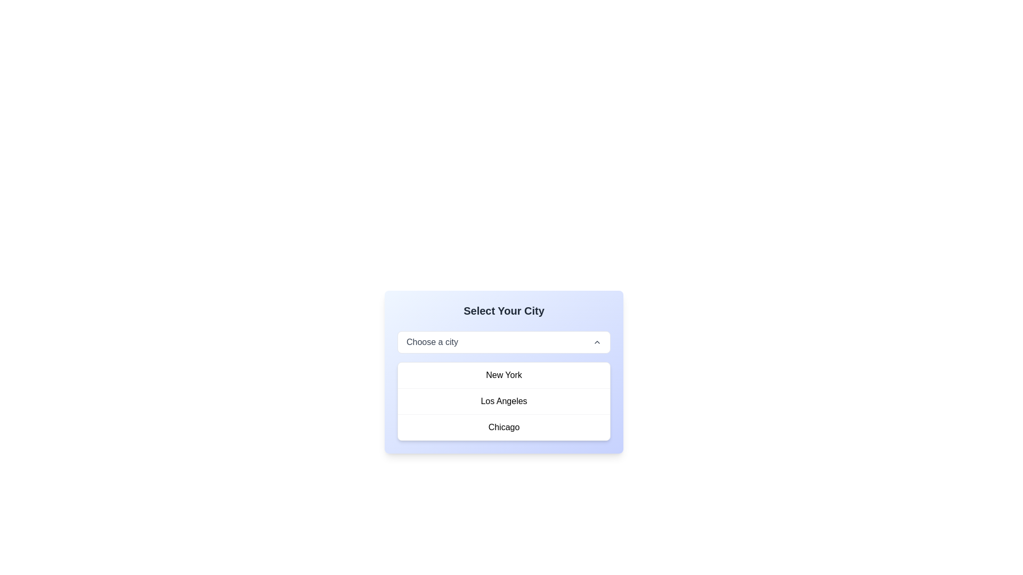  I want to click on the text label 'Choose a city' located within the dropdown menu interface, which is aligned with a dropdown arrow icon on the far right, so click(432, 342).